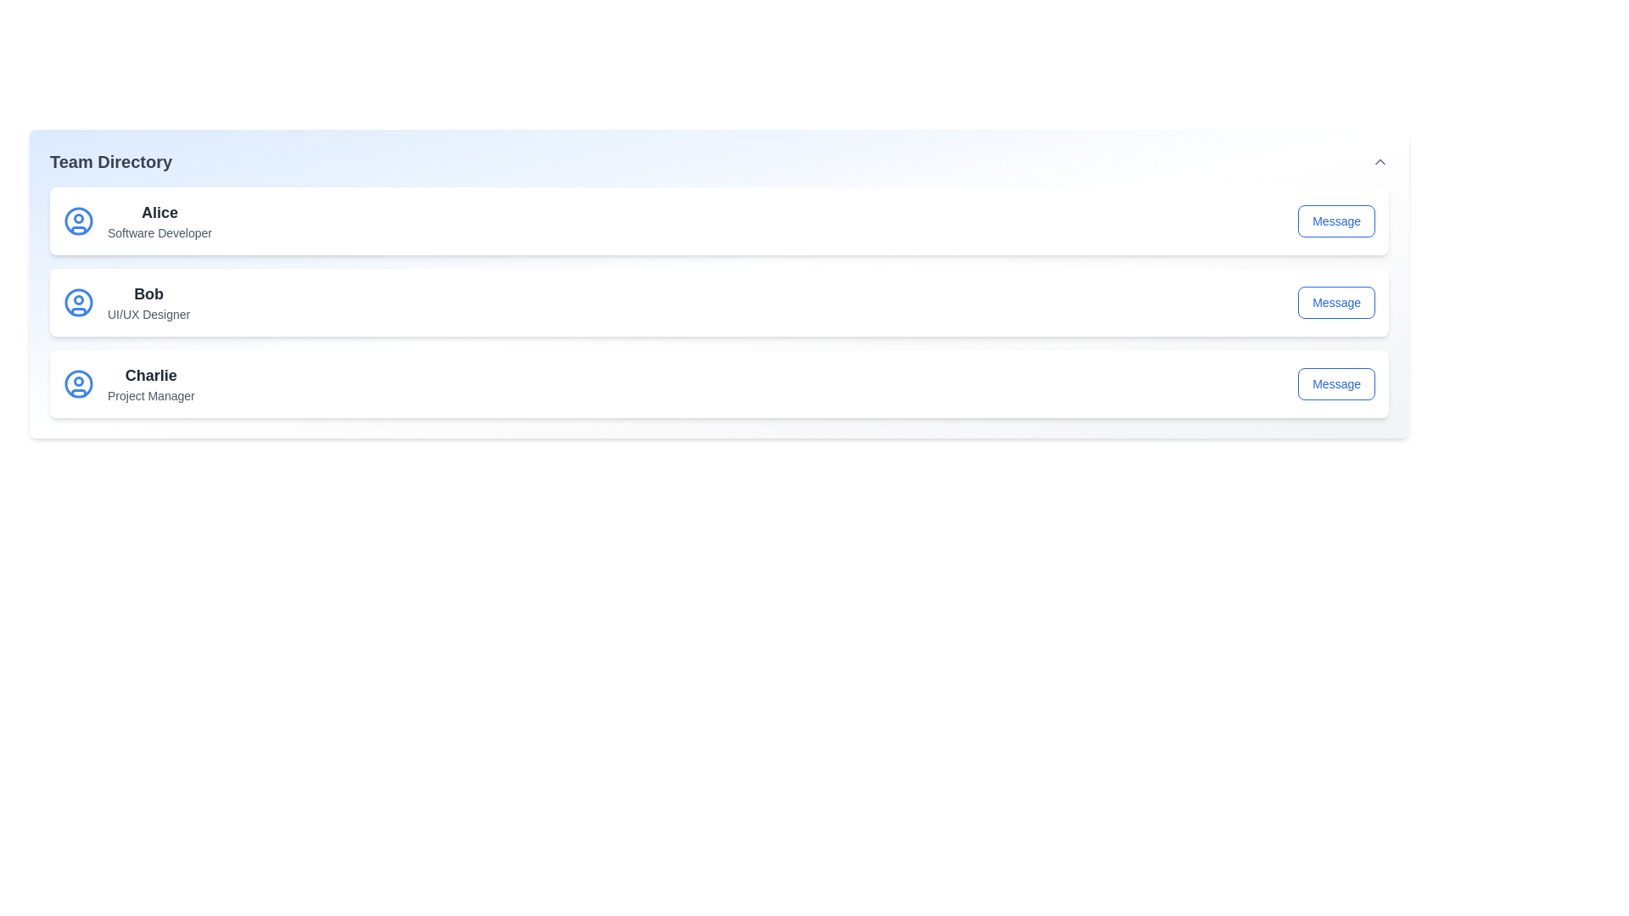  What do you see at coordinates (1335, 221) in the screenshot?
I see `the 'Message' button, which is a rectangular button with a blue border and text, located in the top right corner of the user 'Alice's' entry` at bounding box center [1335, 221].